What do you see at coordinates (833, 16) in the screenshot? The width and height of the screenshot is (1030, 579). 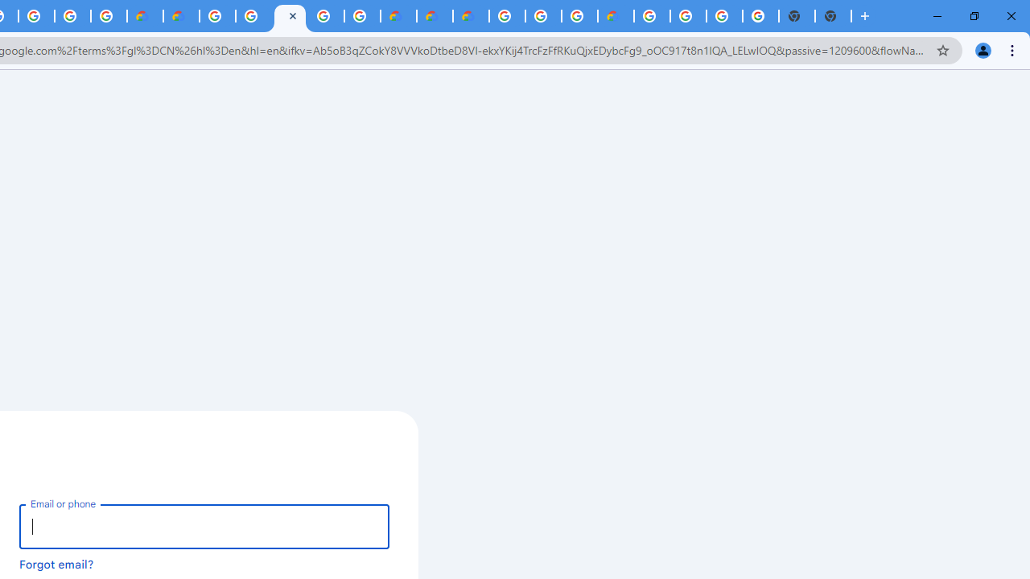 I see `'New Tab'` at bounding box center [833, 16].